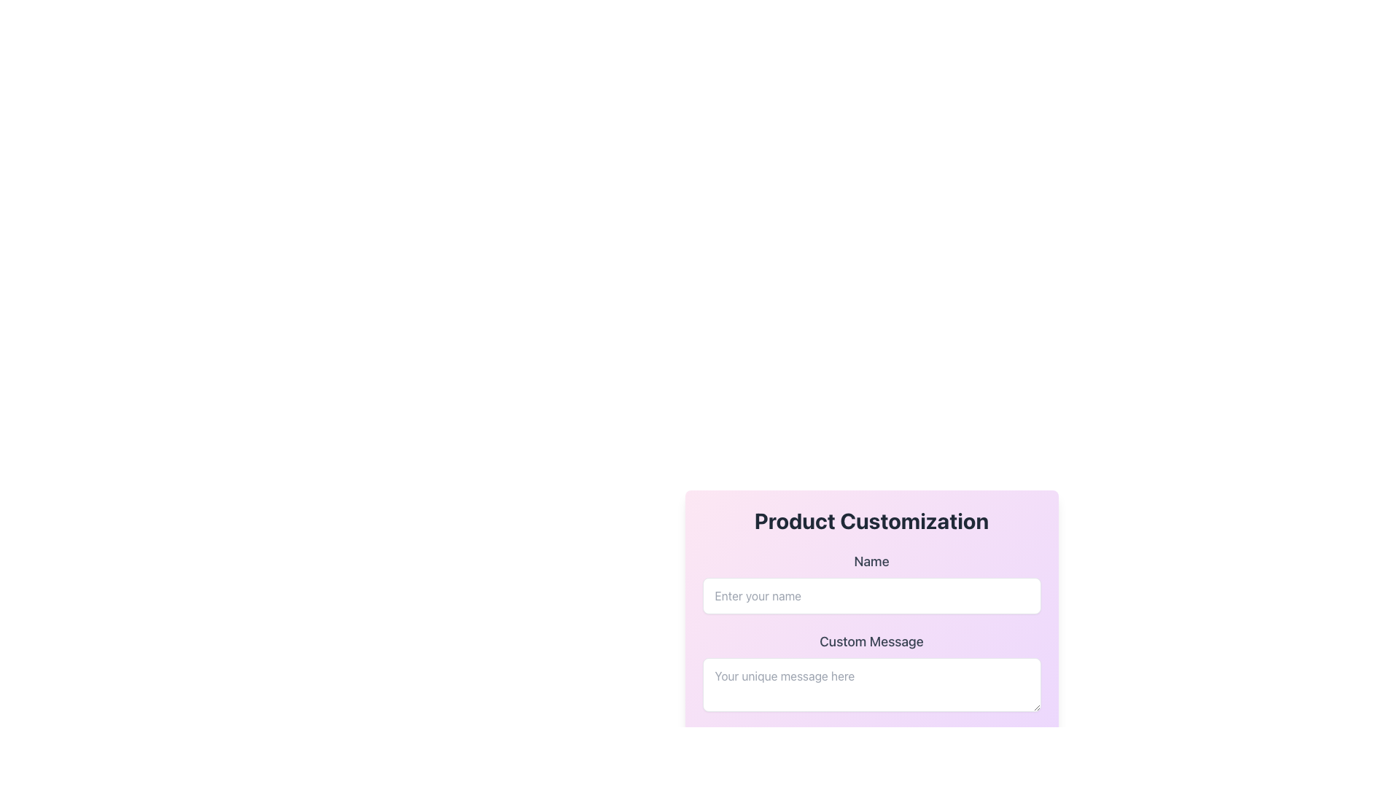  I want to click on the text label that describes the message input field, which is positioned above the textarea with the placeholder 'Your unique message here', so click(871, 641).